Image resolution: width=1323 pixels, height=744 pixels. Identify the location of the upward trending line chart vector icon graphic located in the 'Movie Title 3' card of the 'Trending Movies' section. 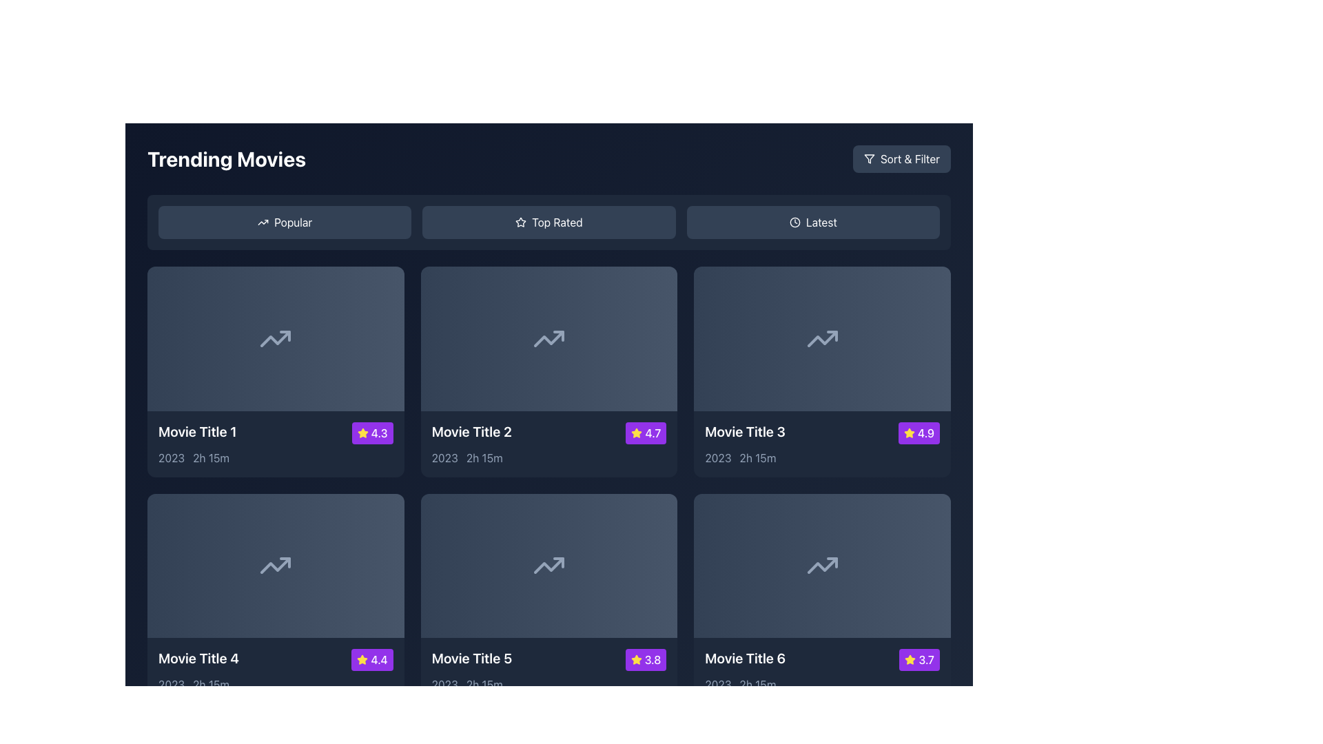
(822, 338).